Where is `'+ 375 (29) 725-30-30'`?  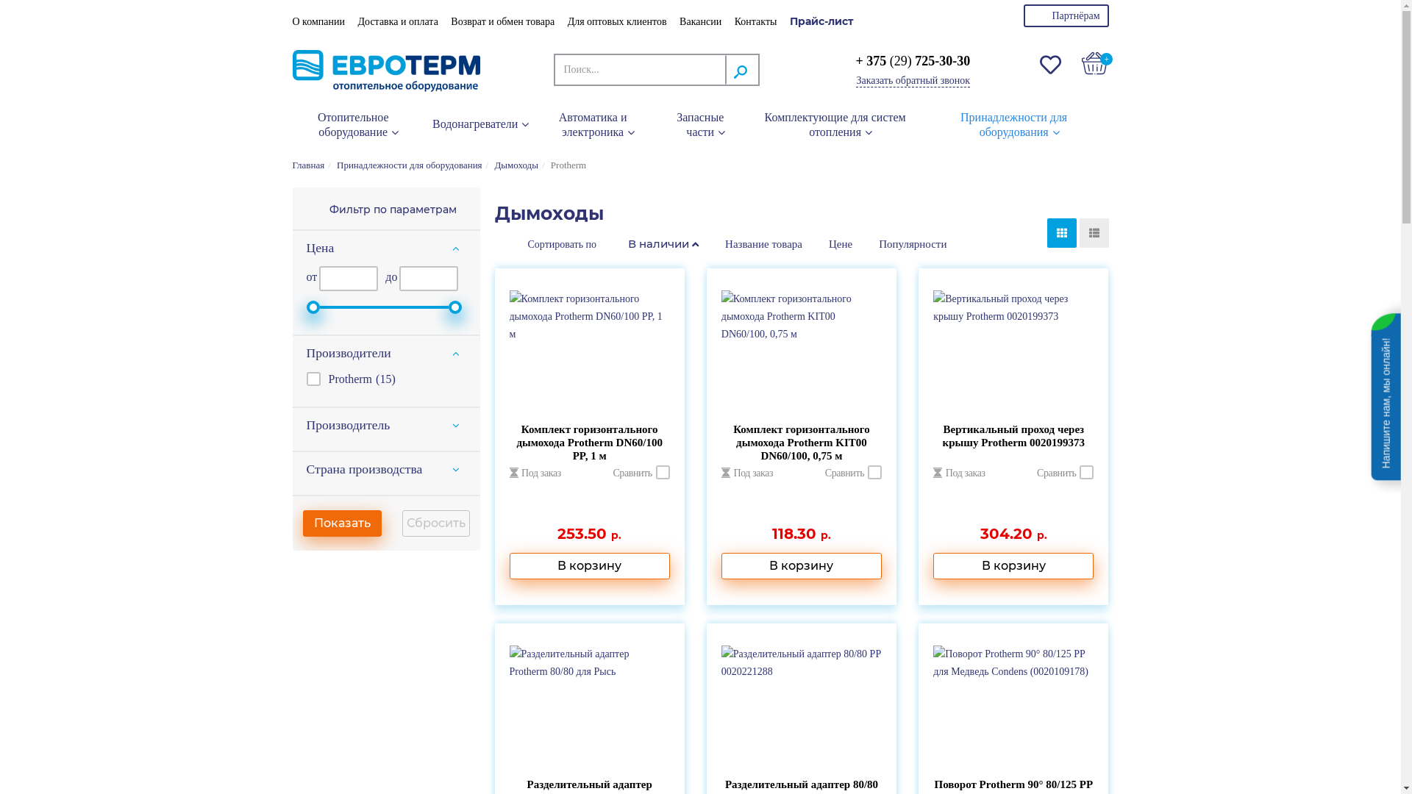 '+ 375 (29) 725-30-30' is located at coordinates (912, 60).